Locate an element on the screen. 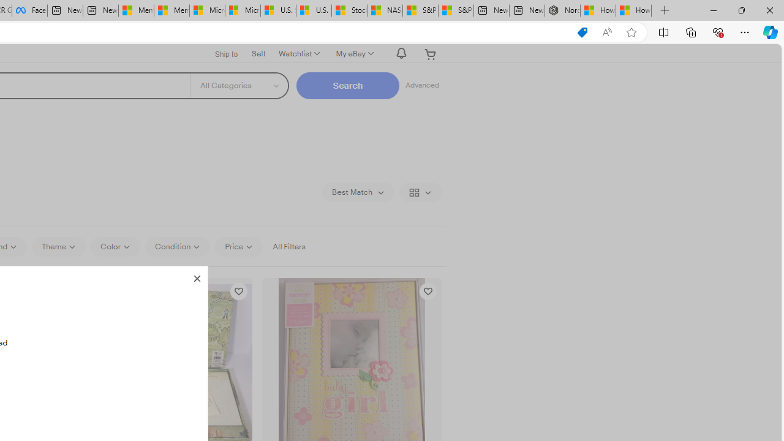 The height and width of the screenshot is (441, 784). 'New Tab' is located at coordinates (665, 10).